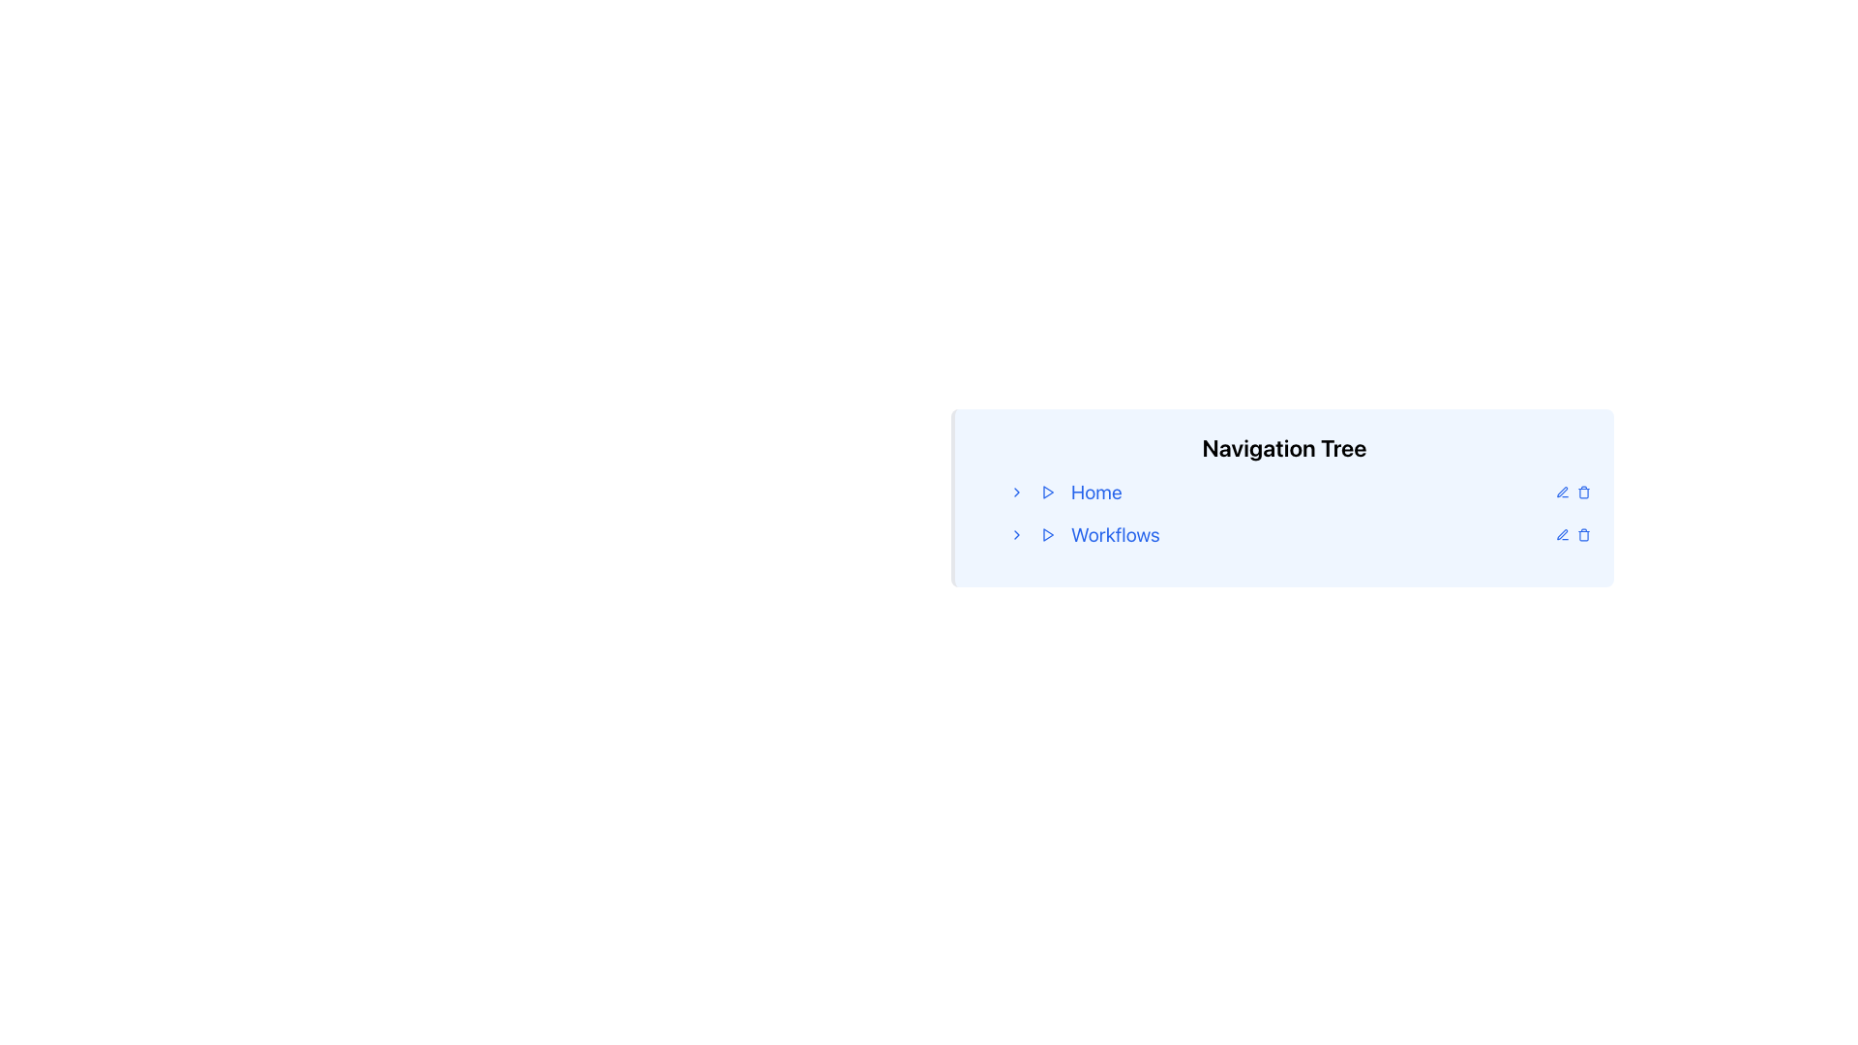  Describe the element at coordinates (1562, 534) in the screenshot. I see `the edit button located at the bottom-right corner of the 'Navigation Tree' box` at that location.